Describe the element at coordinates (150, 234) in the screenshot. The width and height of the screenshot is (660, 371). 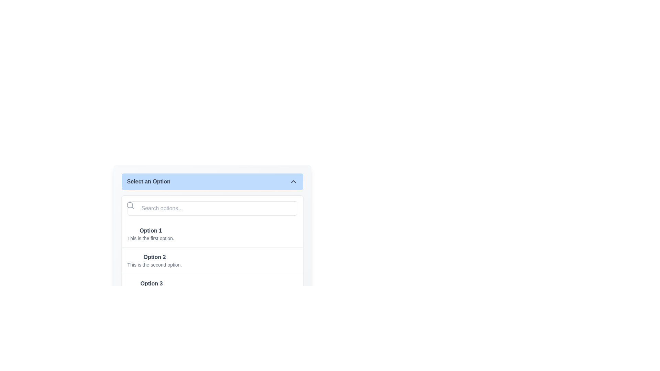
I see `the first selectable option 'Option 1' in the list directly below the search bar in the 'Select an Option' drop-down interface` at that location.